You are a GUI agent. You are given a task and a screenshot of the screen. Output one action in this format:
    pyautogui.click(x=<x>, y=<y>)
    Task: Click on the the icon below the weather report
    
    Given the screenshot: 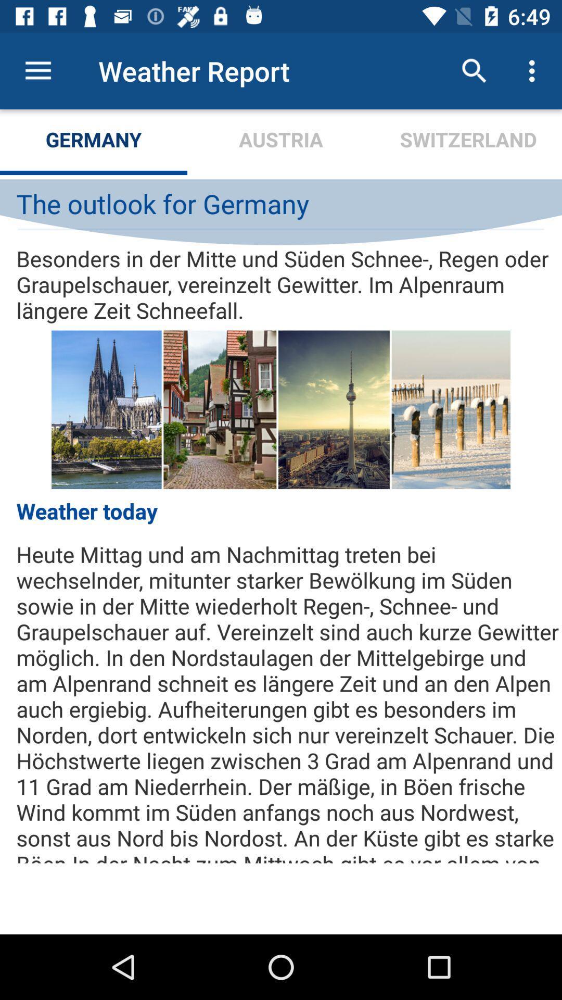 What is the action you would take?
    pyautogui.click(x=281, y=142)
    